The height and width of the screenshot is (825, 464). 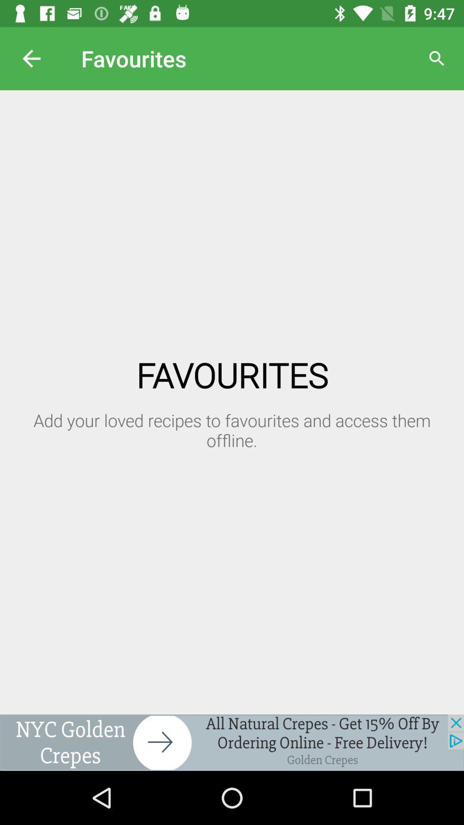 I want to click on the search icon right next to favourites, so click(x=437, y=58).